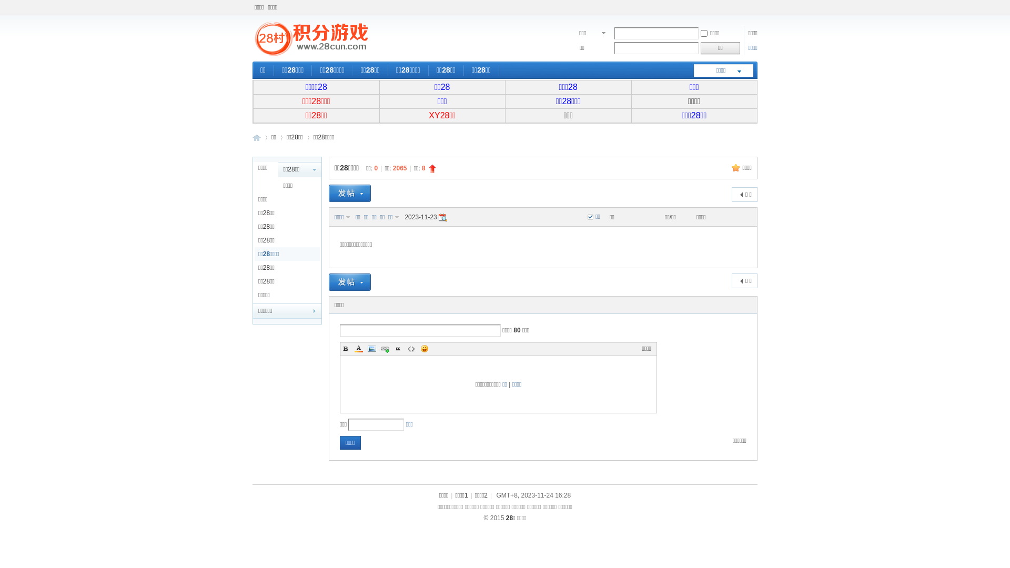 The image size is (1010, 568). Describe the element at coordinates (442, 217) in the screenshot. I see `'2023-11-23'` at that location.